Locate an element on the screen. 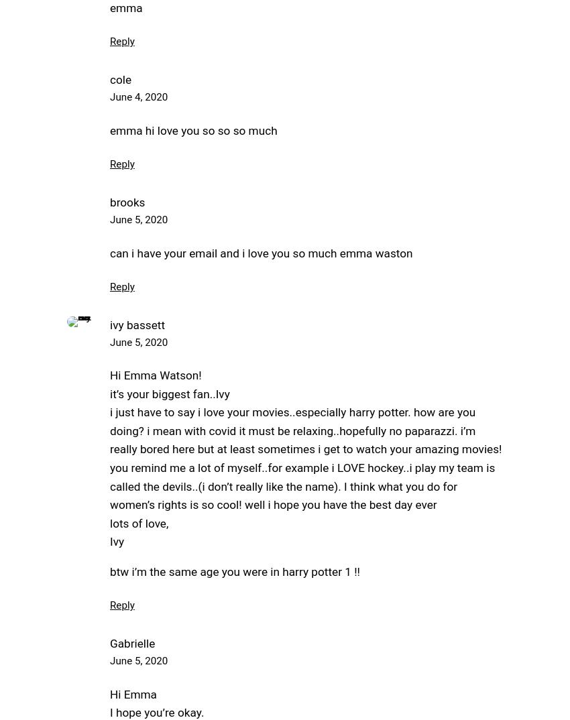 This screenshot has width=570, height=720. 'Ivy' is located at coordinates (116, 541).